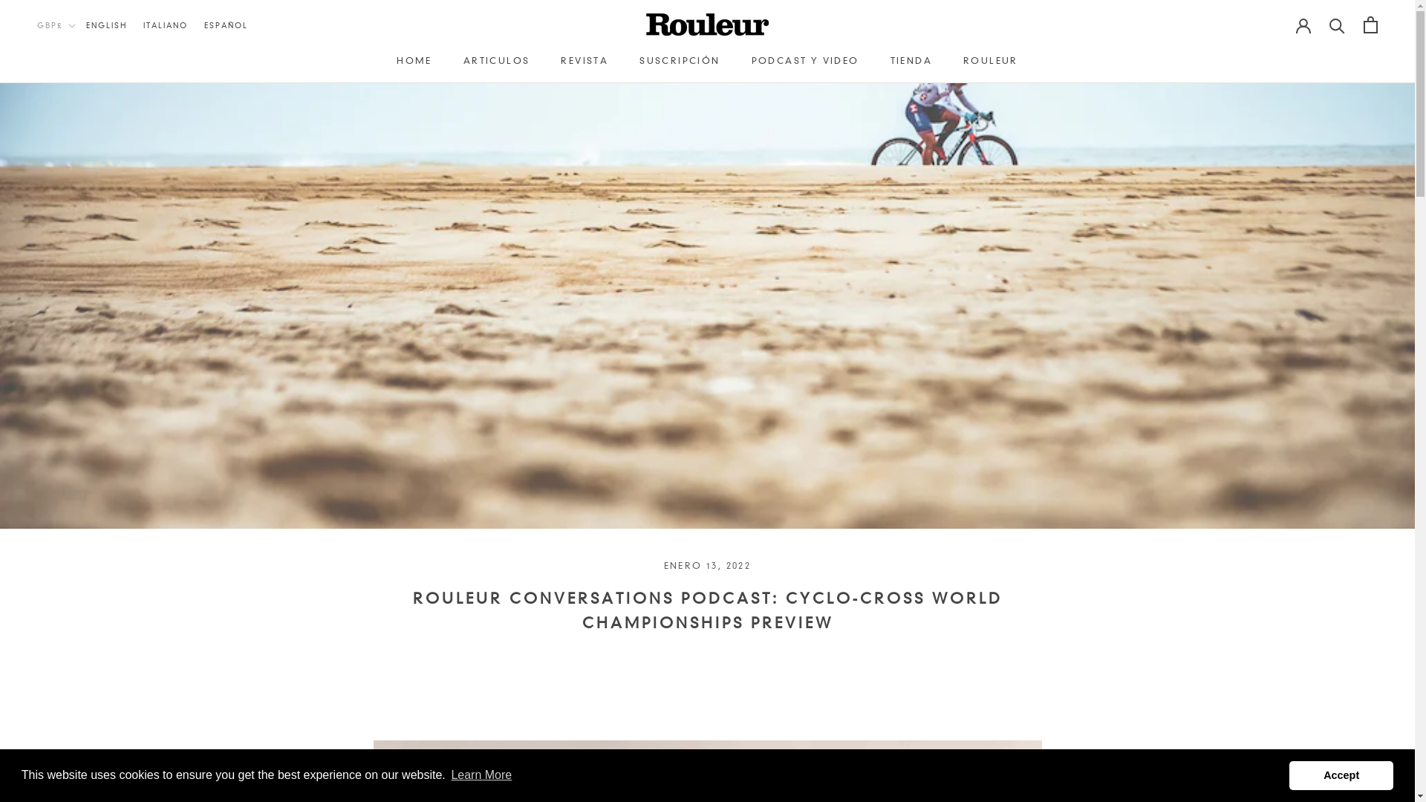  What do you see at coordinates (496, 59) in the screenshot?
I see `'ARTICULOS'` at bounding box center [496, 59].